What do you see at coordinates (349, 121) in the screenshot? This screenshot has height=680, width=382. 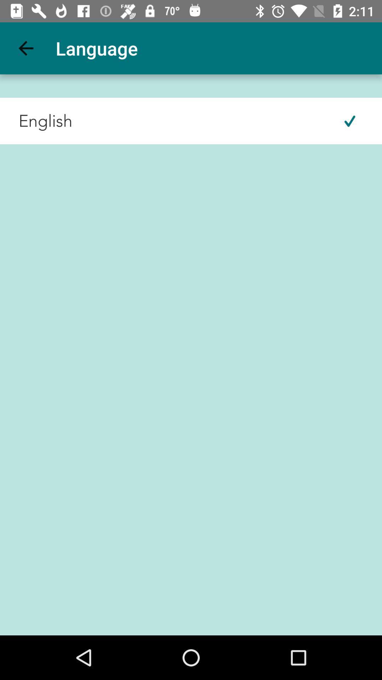 I see `icon to the right of the english icon` at bounding box center [349, 121].